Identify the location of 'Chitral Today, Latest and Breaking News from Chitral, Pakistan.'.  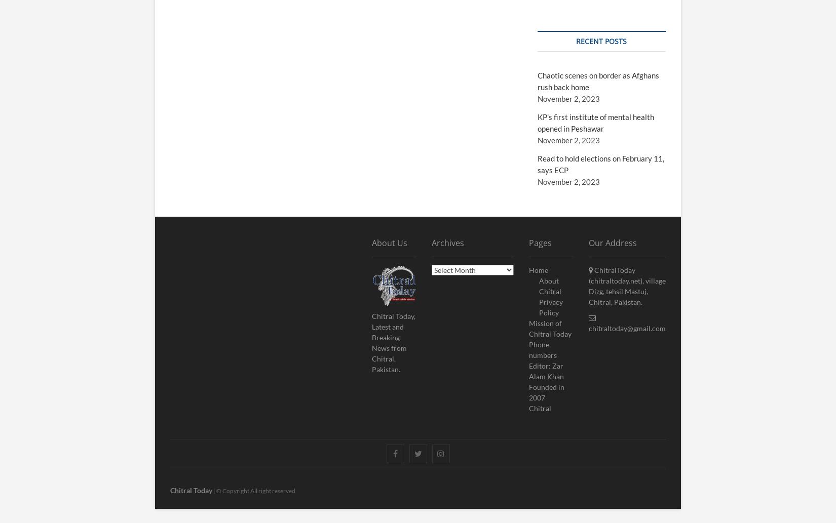
(393, 341).